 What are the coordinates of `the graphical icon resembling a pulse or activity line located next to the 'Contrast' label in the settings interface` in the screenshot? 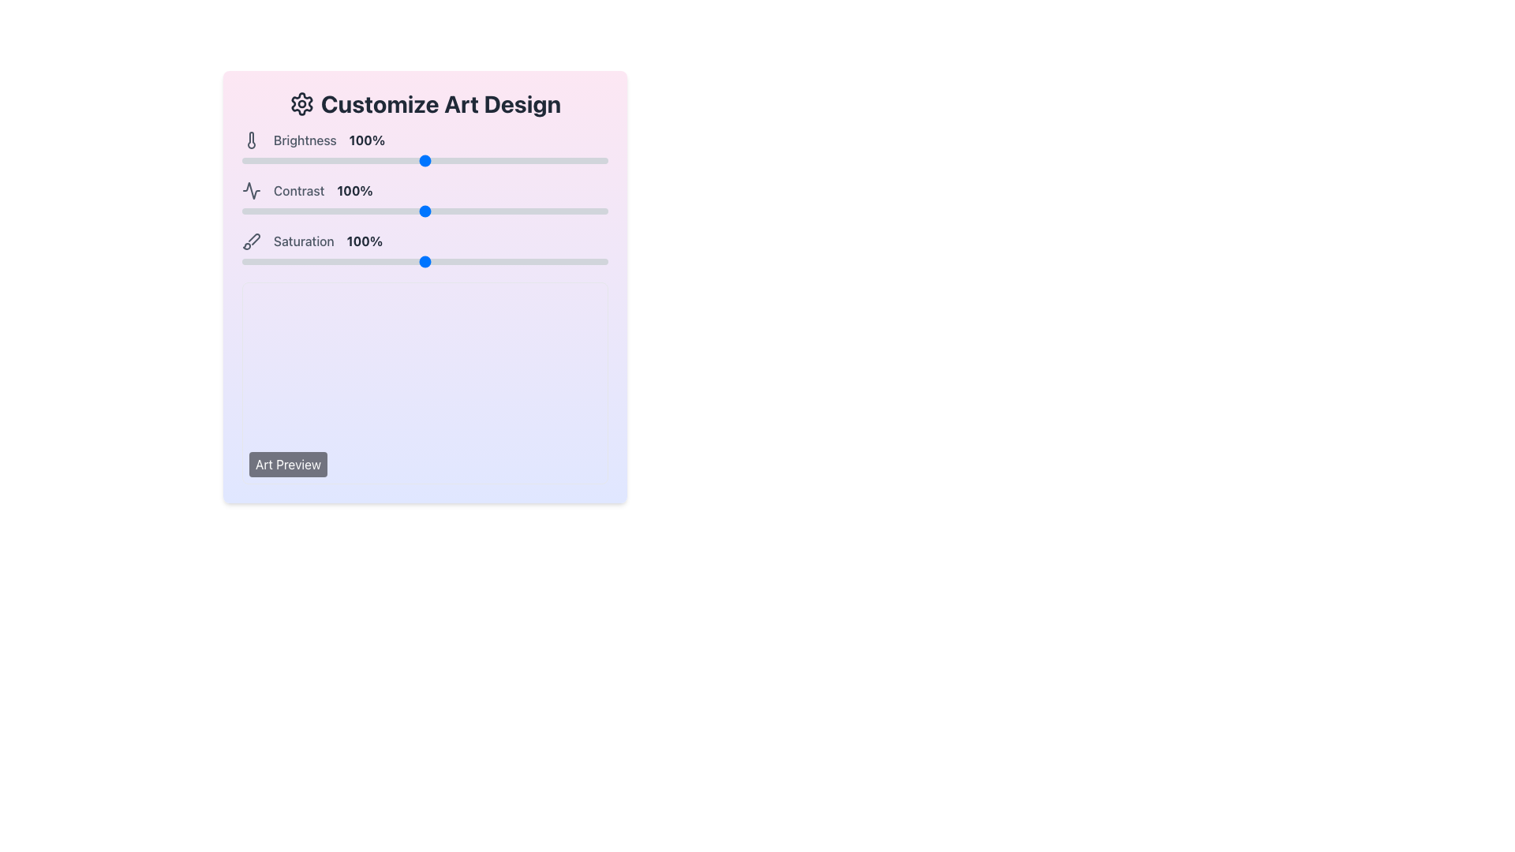 It's located at (250, 190).